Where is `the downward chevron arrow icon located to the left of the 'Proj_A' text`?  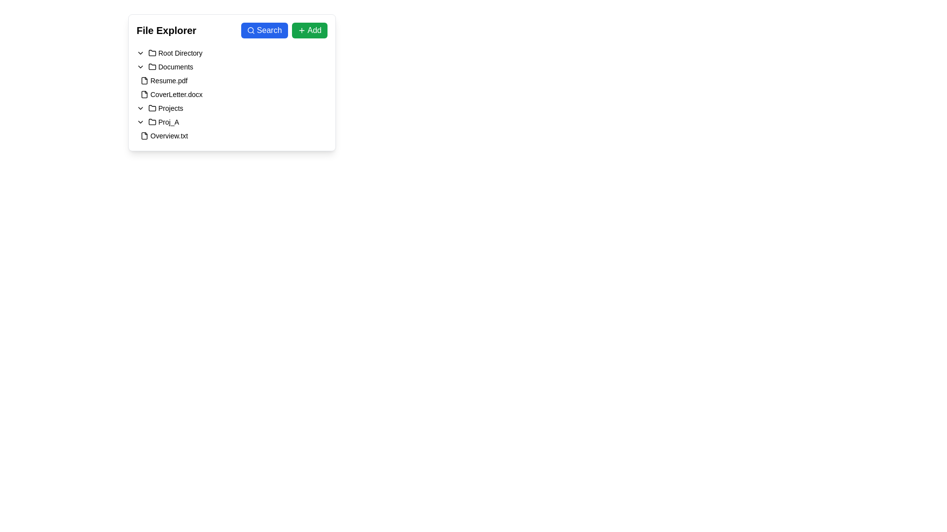 the downward chevron arrow icon located to the left of the 'Proj_A' text is located at coordinates (140, 121).